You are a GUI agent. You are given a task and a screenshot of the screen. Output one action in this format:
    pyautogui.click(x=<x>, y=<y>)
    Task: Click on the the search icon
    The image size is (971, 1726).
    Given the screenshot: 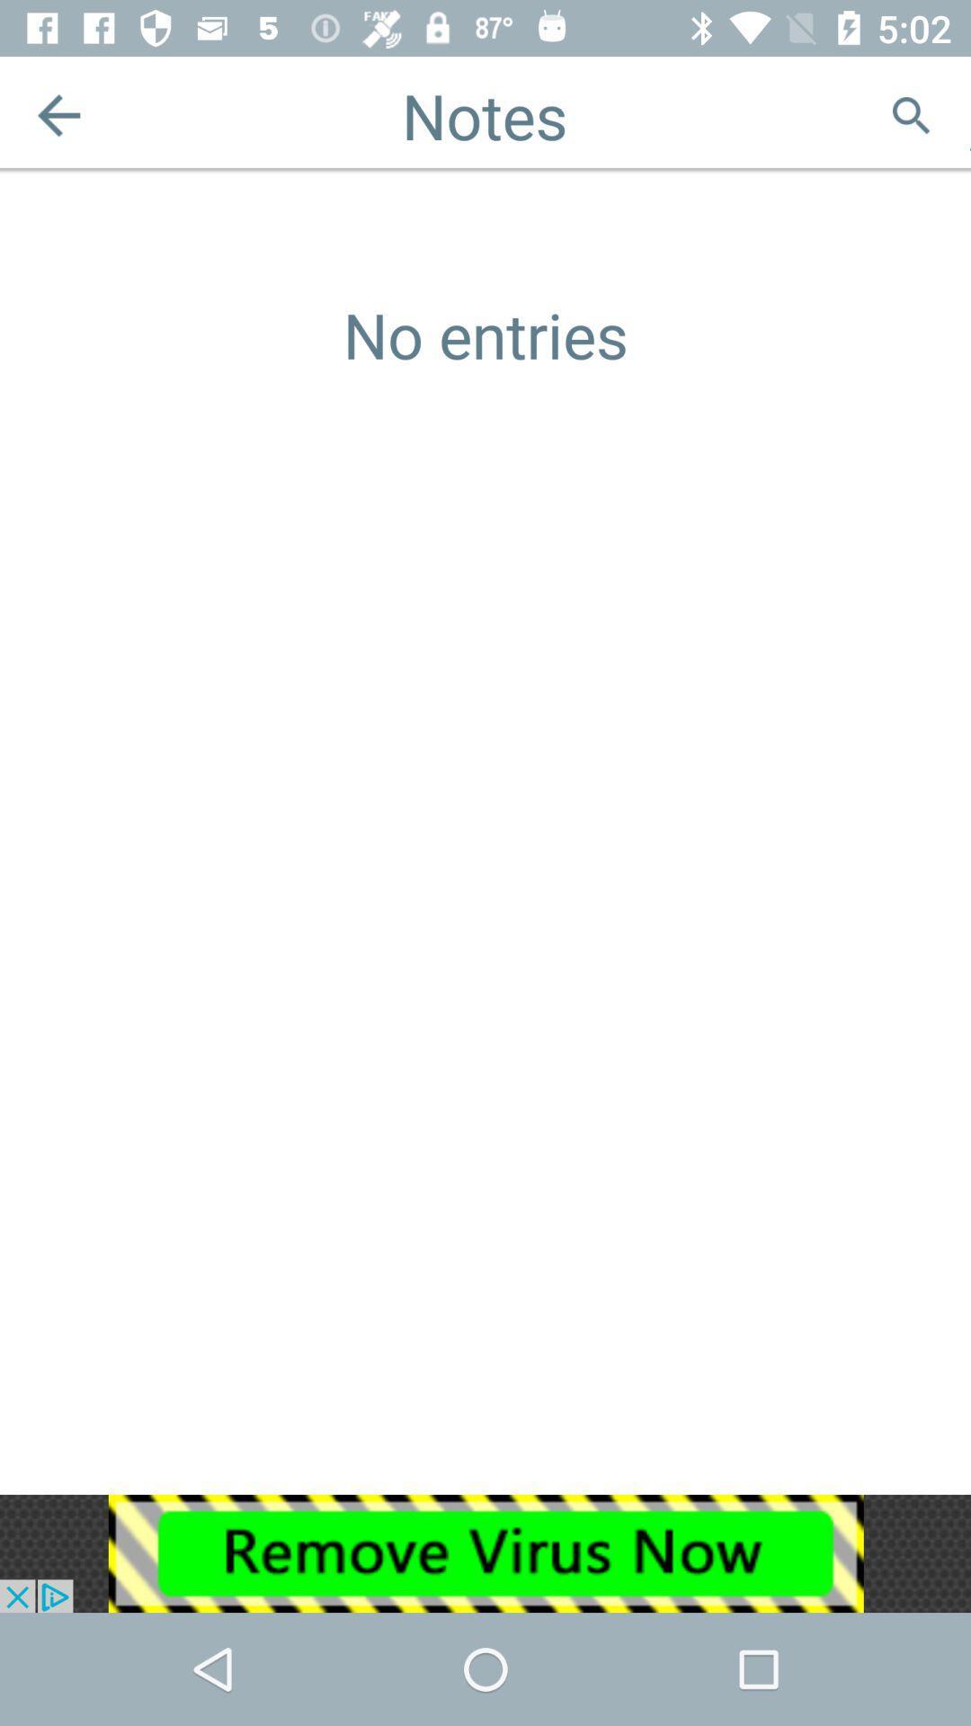 What is the action you would take?
    pyautogui.click(x=911, y=114)
    